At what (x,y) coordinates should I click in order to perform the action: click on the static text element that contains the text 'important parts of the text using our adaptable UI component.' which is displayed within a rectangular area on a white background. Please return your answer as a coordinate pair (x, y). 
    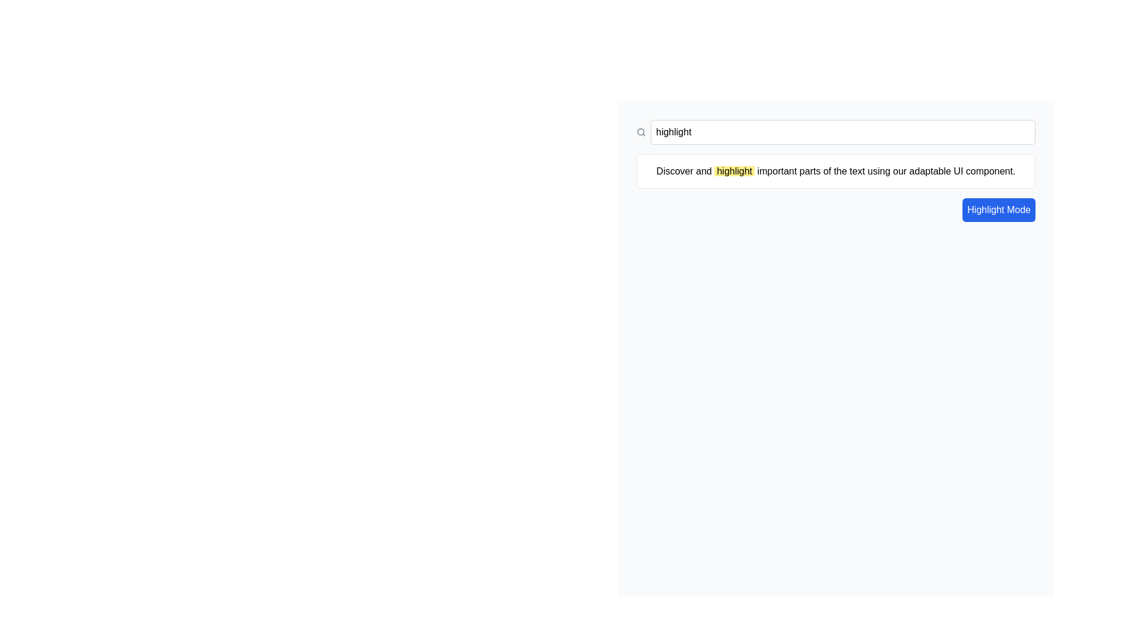
    Looking at the image, I should click on (885, 171).